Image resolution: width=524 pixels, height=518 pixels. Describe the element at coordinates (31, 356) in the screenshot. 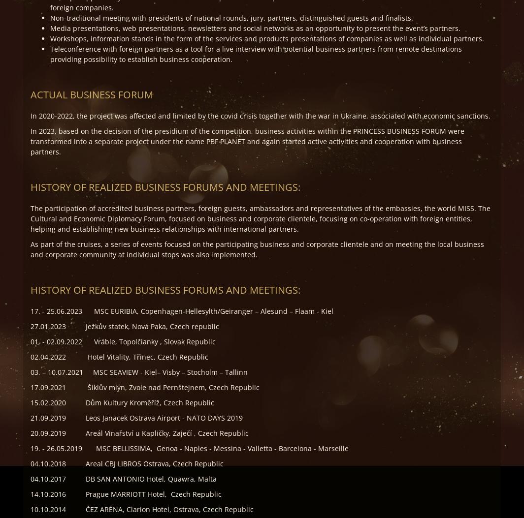

I see `'02.04.2022           Hotel Vitality, Třinec, Czech Republic'` at that location.